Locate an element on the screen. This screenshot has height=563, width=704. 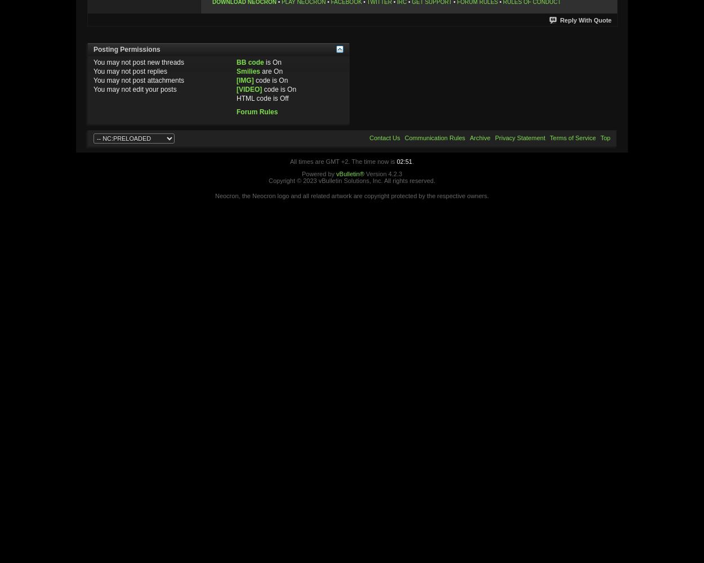
'Privacy Statement' is located at coordinates (519, 137).